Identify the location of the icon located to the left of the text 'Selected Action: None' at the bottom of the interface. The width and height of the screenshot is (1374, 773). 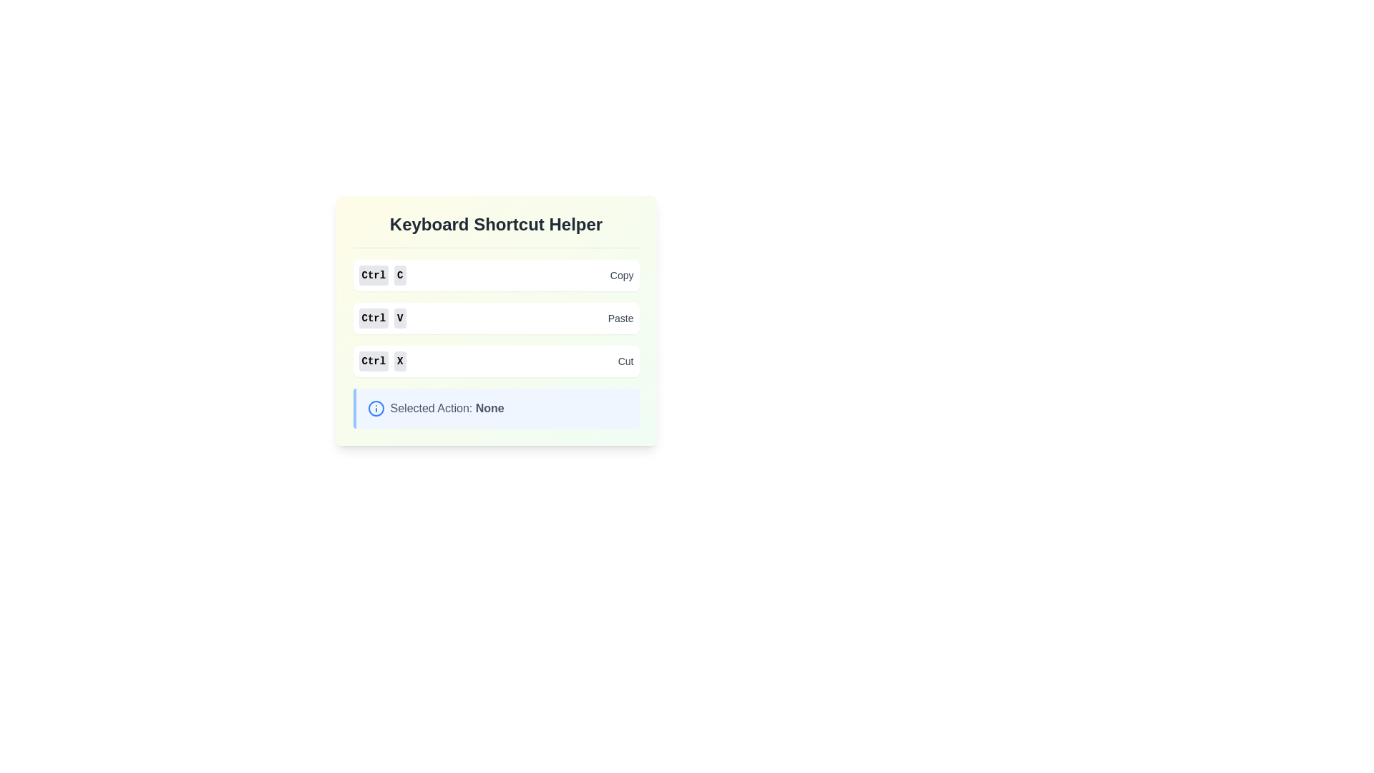
(376, 408).